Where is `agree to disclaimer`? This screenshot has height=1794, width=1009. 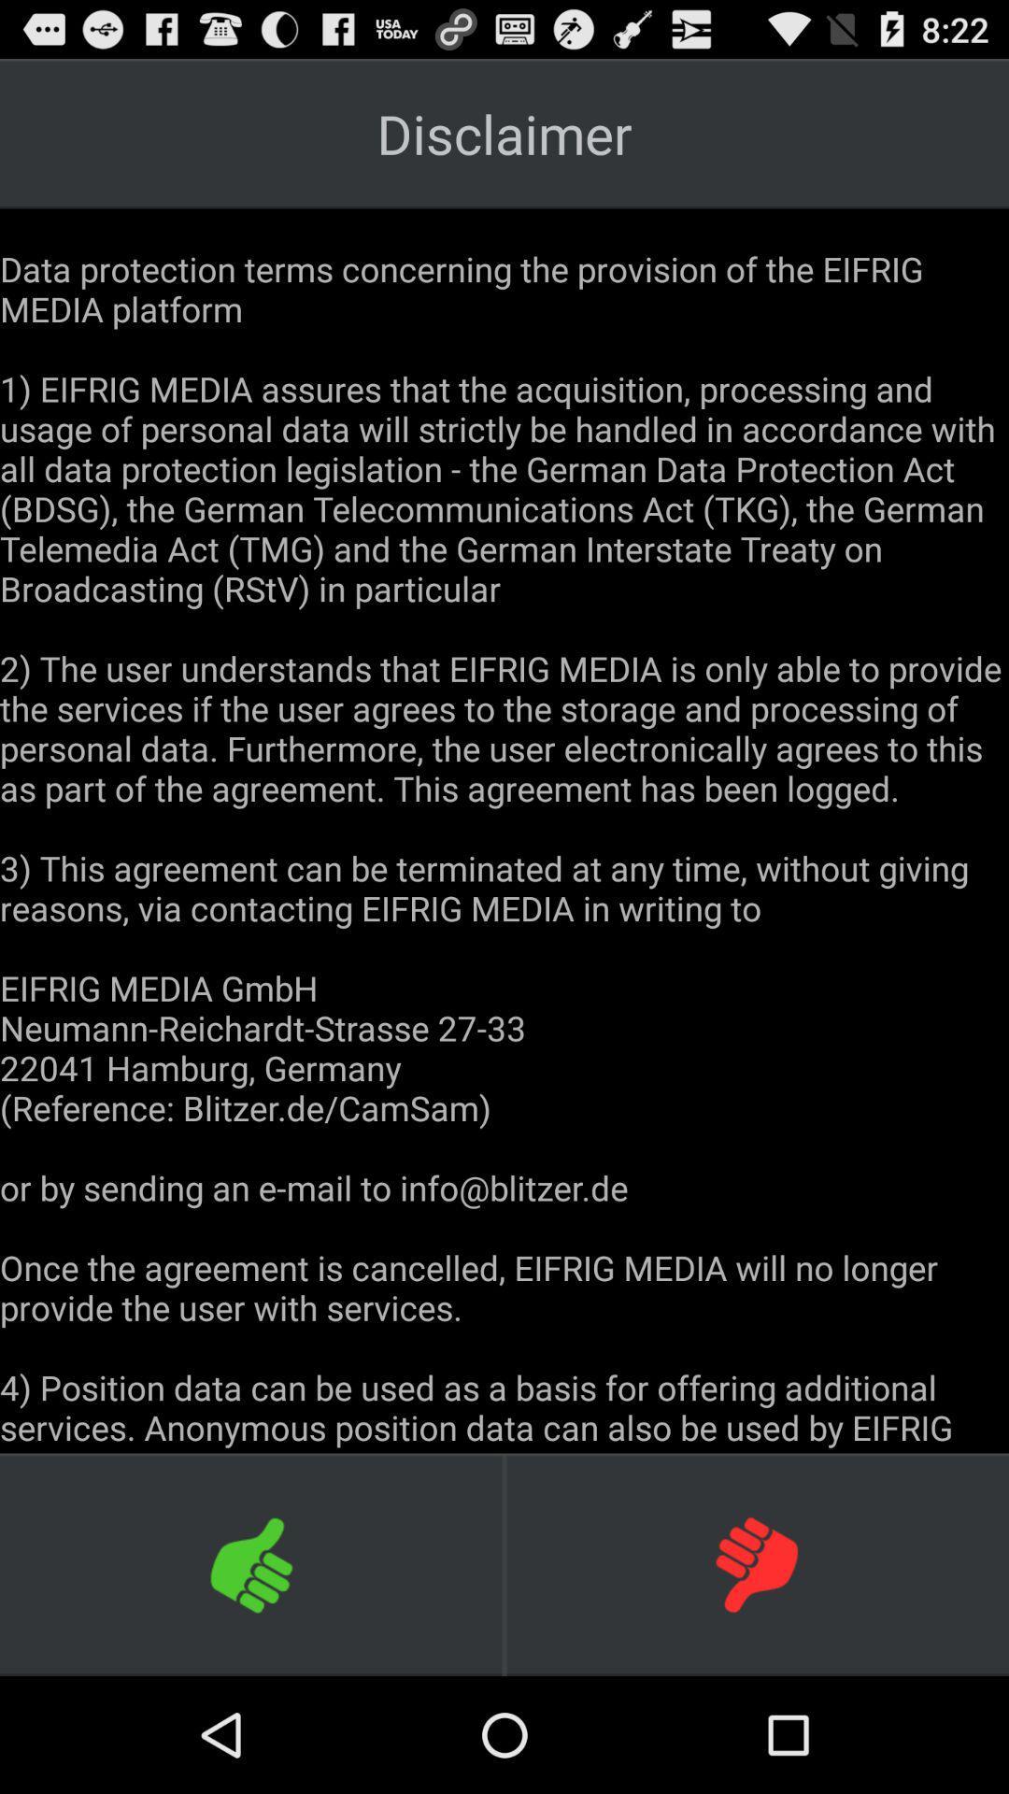 agree to disclaimer is located at coordinates (252, 1564).